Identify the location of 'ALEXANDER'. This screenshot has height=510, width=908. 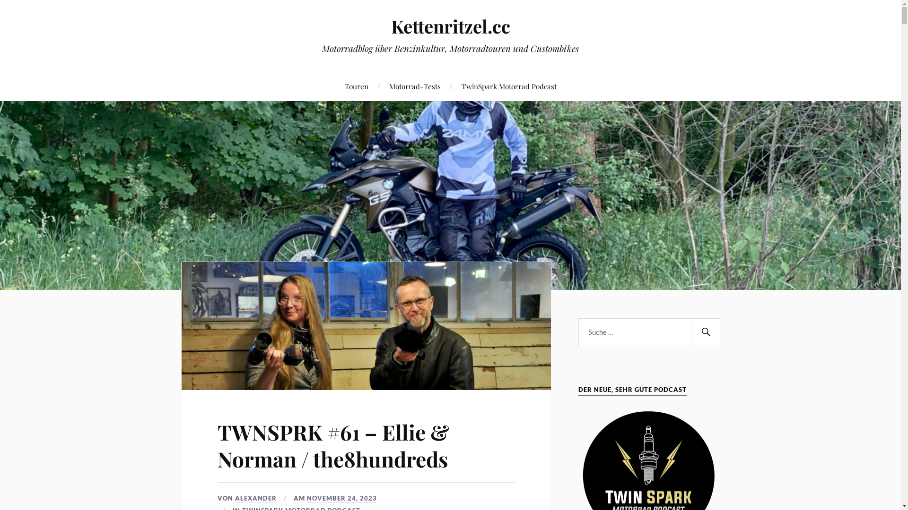
(256, 498).